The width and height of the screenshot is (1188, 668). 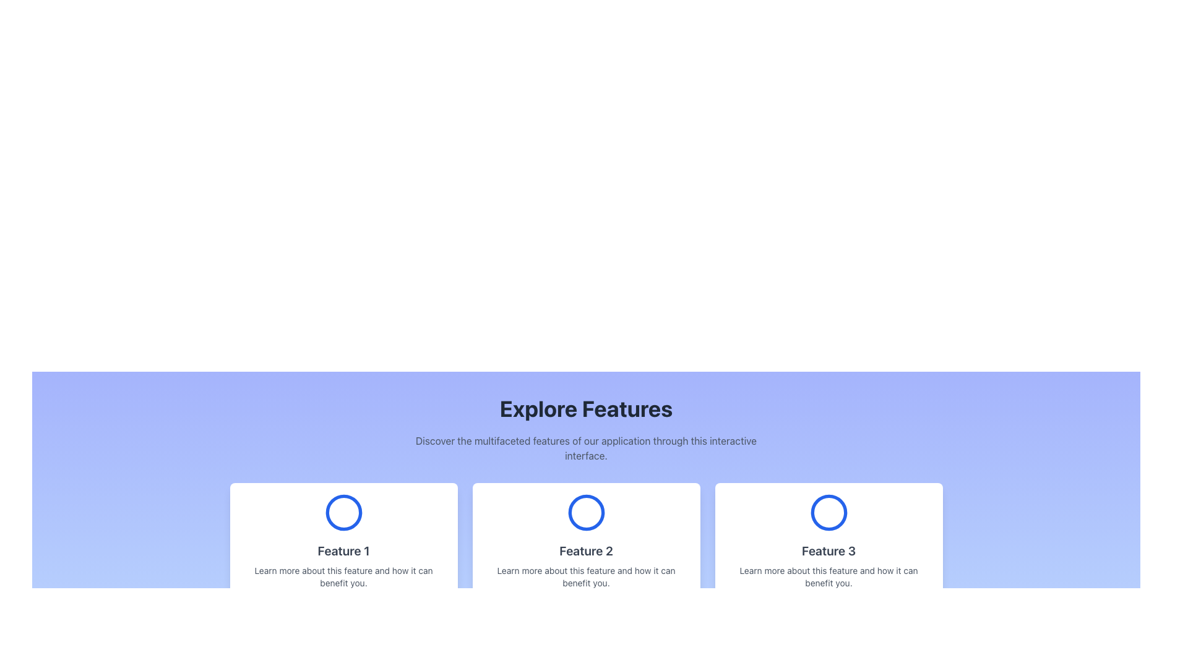 What do you see at coordinates (829, 550) in the screenshot?
I see `title text located in the third card, positioned below a circular icon and above a descriptive text block` at bounding box center [829, 550].